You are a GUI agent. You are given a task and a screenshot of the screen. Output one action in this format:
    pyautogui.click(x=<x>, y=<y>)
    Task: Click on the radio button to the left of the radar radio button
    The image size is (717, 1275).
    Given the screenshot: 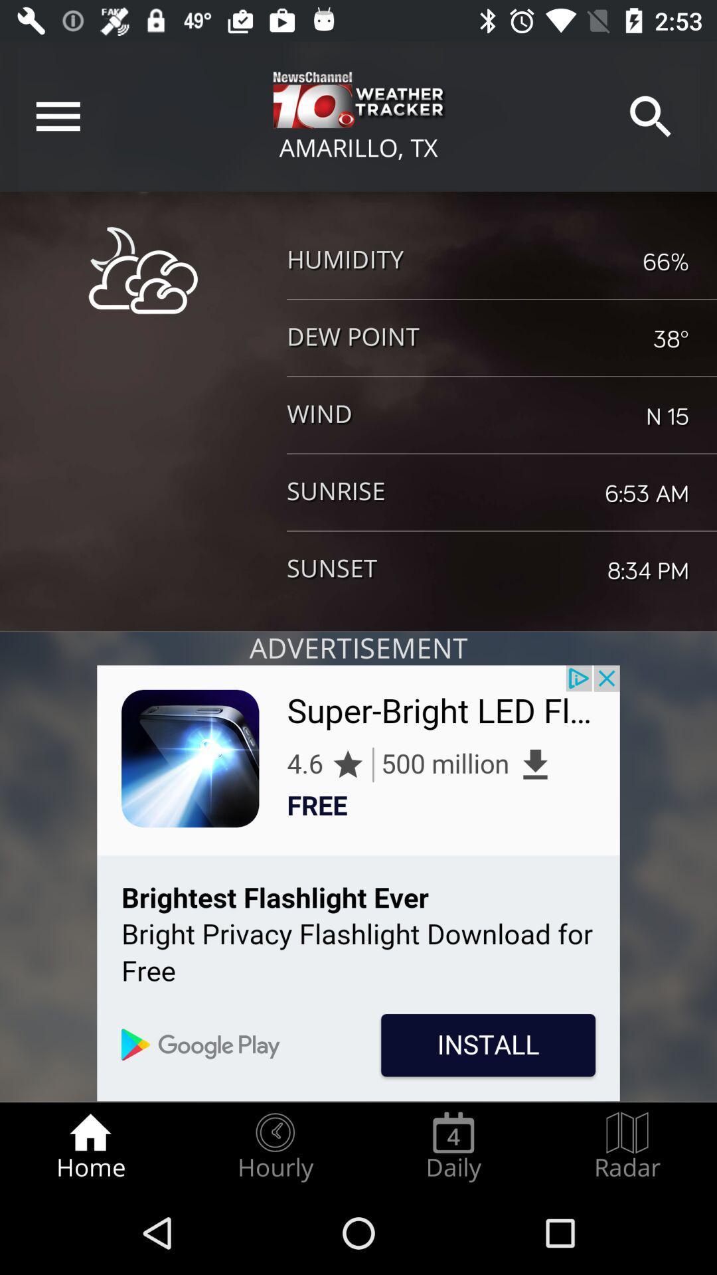 What is the action you would take?
    pyautogui.click(x=453, y=1146)
    